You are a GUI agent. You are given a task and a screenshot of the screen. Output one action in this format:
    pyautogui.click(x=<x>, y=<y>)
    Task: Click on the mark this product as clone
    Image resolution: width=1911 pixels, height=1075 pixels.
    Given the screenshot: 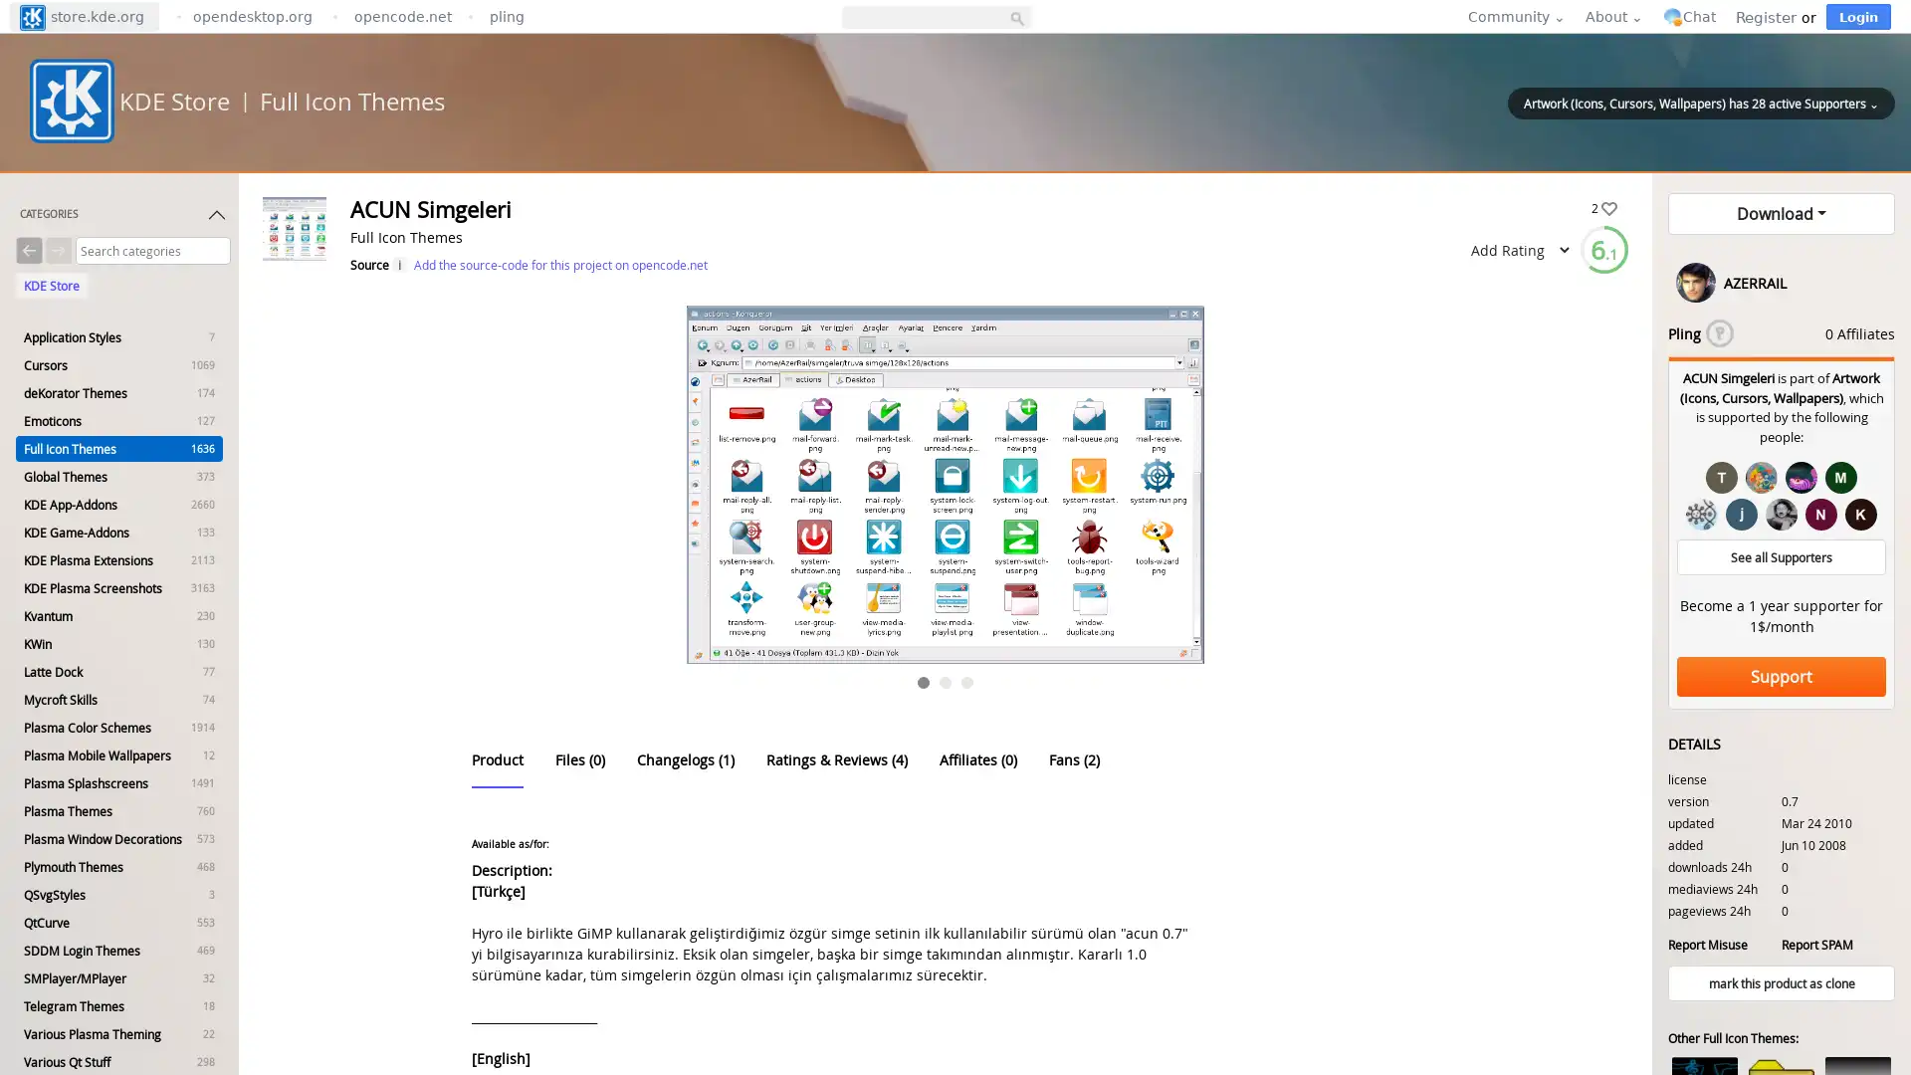 What is the action you would take?
    pyautogui.click(x=1782, y=981)
    